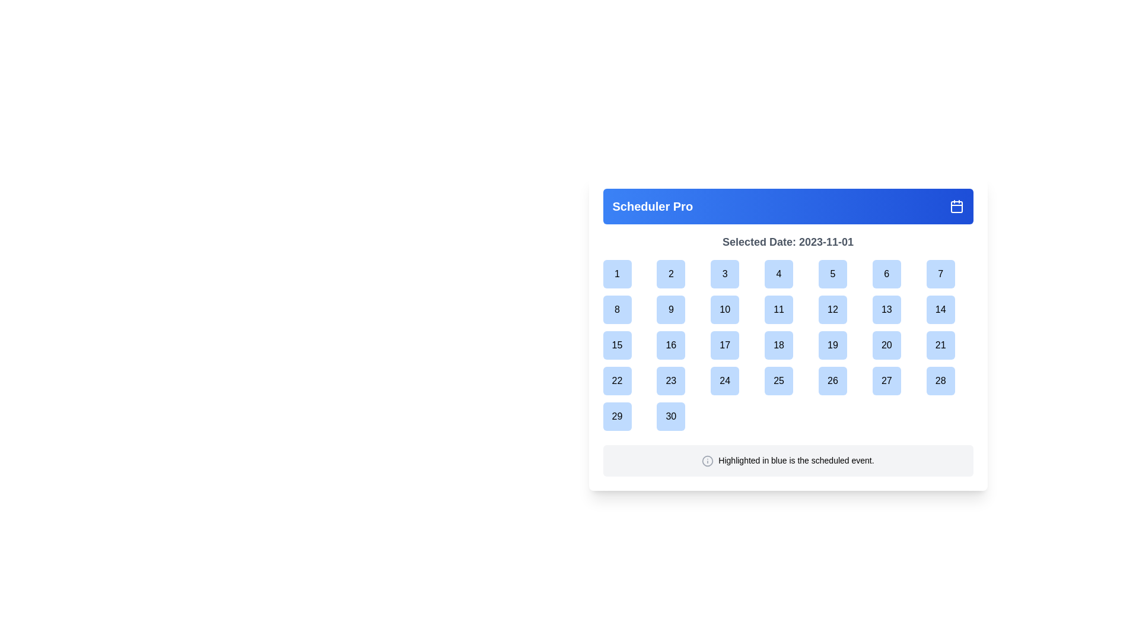  Describe the element at coordinates (733, 309) in the screenshot. I see `the button representing the 10th day in the calendar` at that location.